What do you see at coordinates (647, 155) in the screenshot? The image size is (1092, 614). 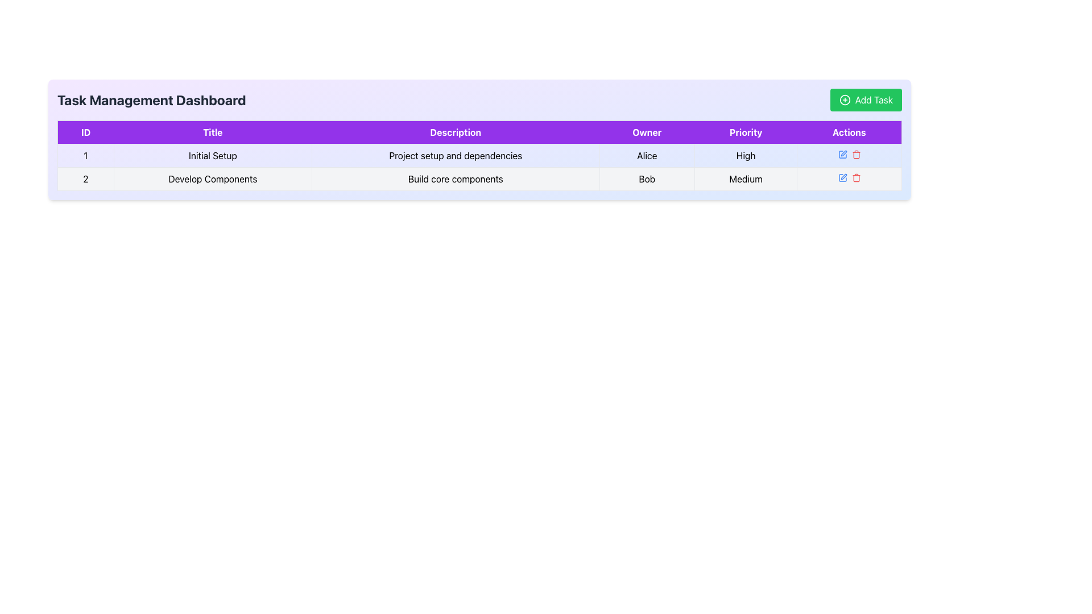 I see `text content of the text cell displaying 'Alice' in the fourth column of the first row of the table under the 'Owner' header` at bounding box center [647, 155].